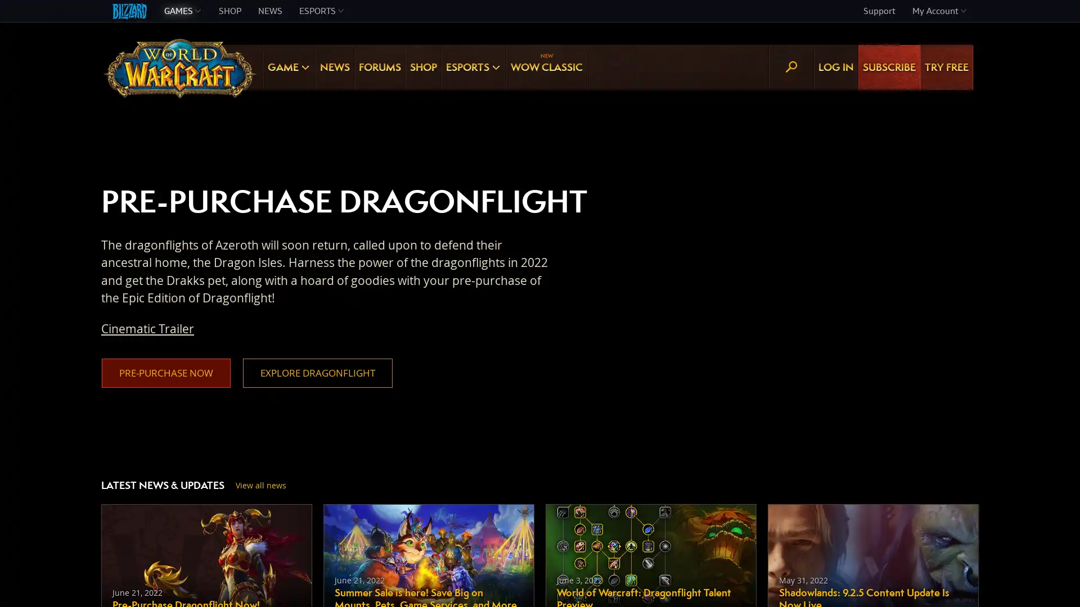 The width and height of the screenshot is (1080, 607). Describe the element at coordinates (147, 328) in the screenshot. I see `Cinematic Trailer` at that location.